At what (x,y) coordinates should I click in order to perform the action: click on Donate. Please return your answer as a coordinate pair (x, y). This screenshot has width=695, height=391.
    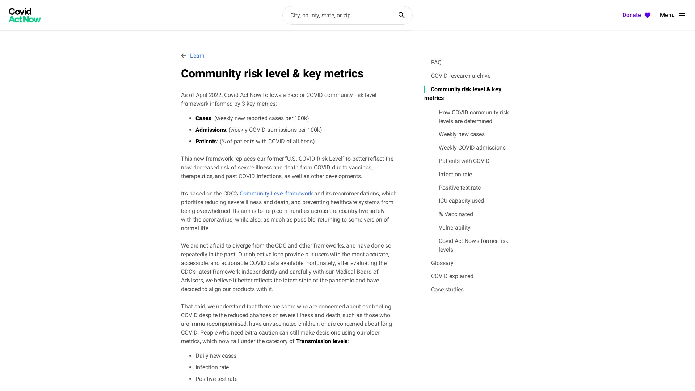
    Looking at the image, I should click on (637, 15).